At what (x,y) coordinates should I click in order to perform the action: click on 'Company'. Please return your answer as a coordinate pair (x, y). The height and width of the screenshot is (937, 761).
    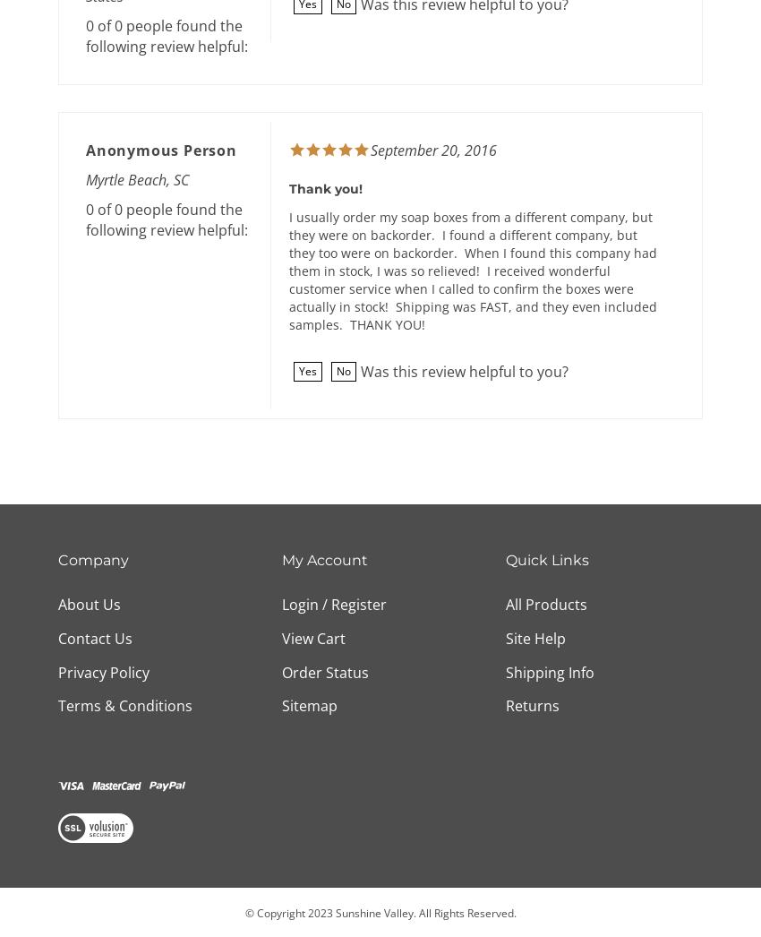
    Looking at the image, I should click on (92, 559).